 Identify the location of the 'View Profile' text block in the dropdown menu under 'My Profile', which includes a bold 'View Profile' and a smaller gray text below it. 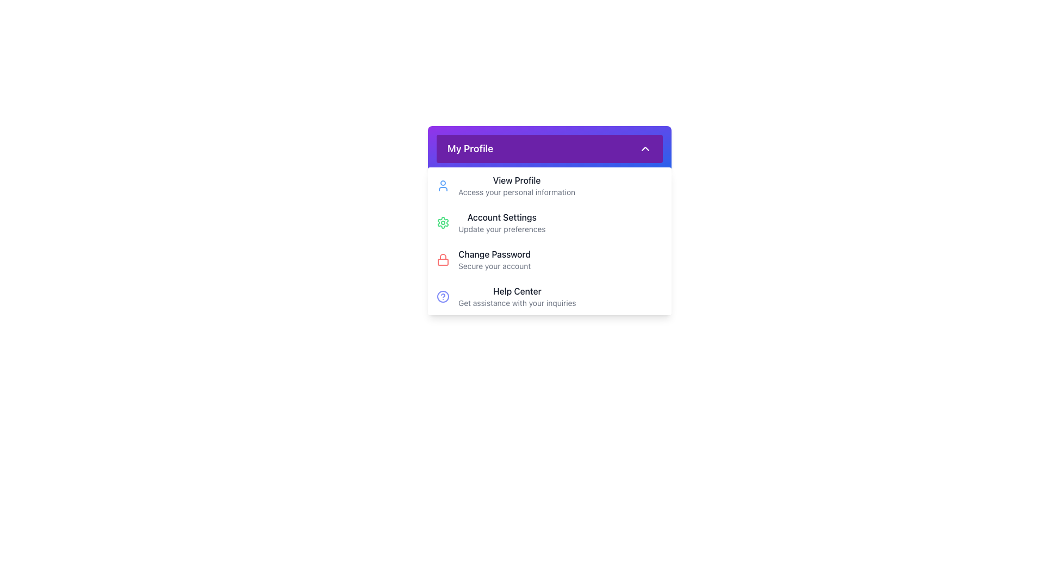
(516, 185).